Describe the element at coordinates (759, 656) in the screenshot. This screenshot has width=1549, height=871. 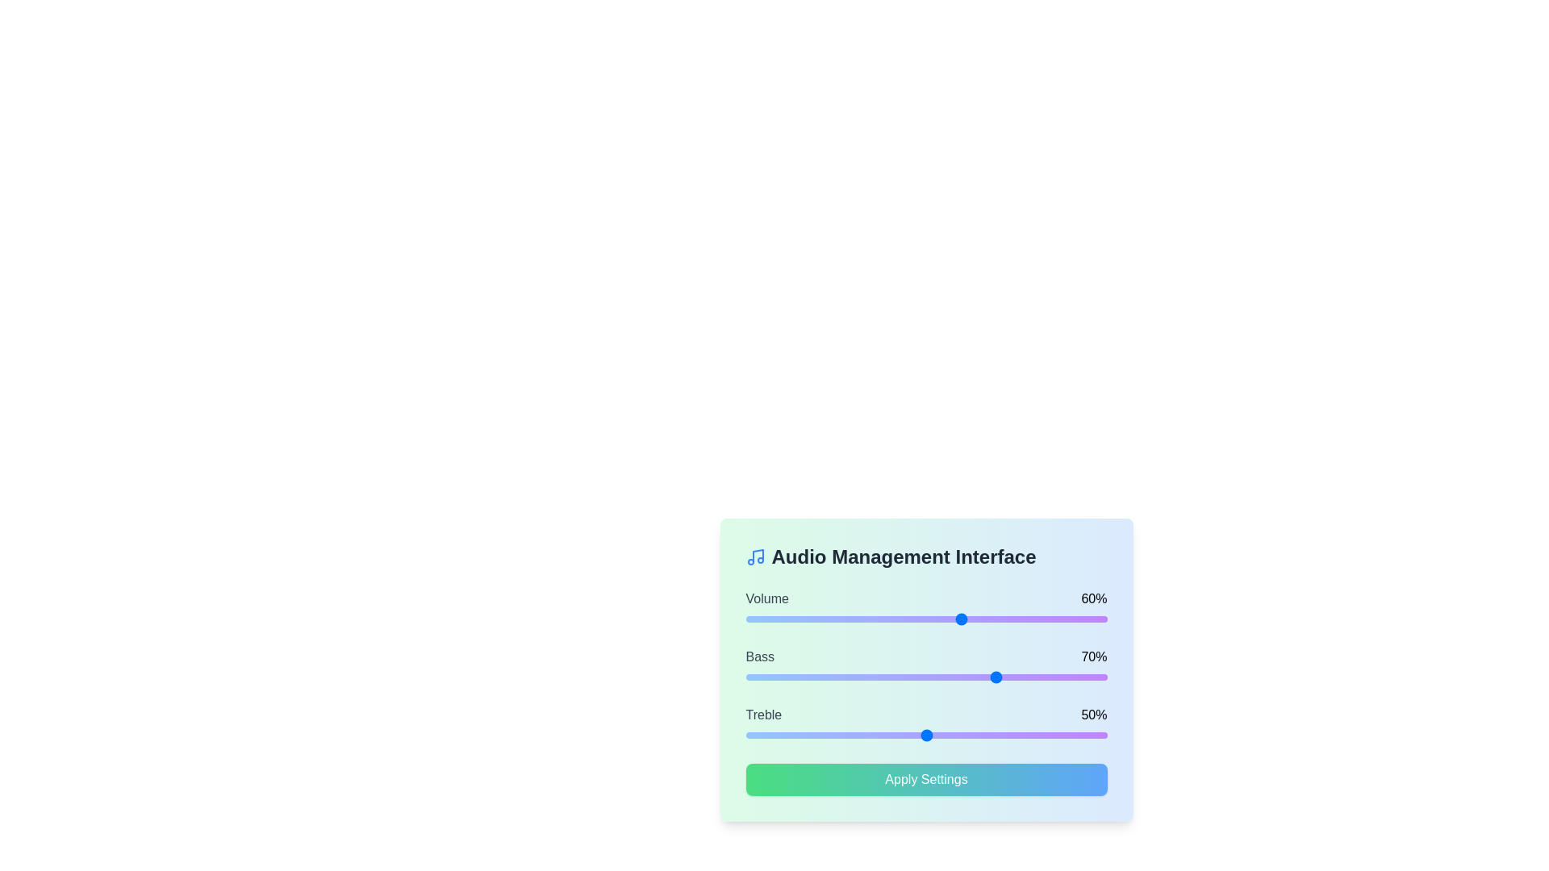
I see `the text label that indicates the bass adjustment control in the audio management interface, located to the left of the percentage indicator ('70%')` at that location.